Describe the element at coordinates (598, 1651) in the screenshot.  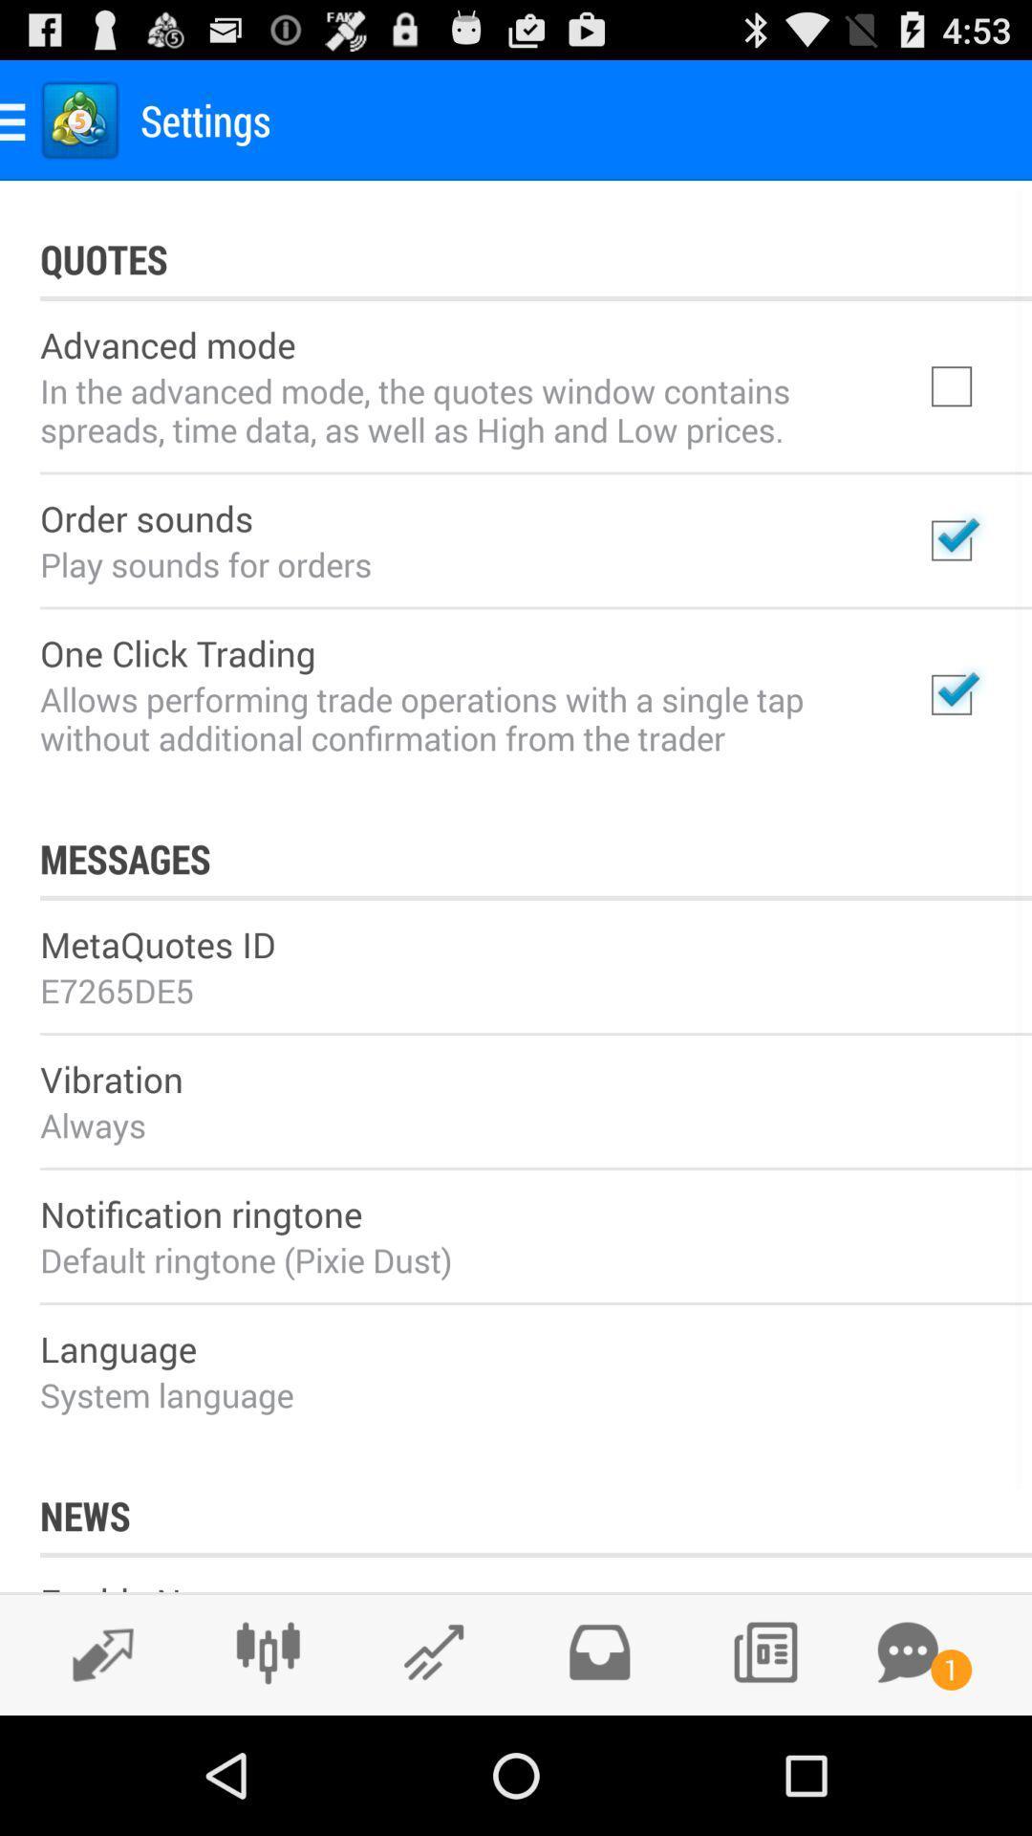
I see `file away for later` at that location.